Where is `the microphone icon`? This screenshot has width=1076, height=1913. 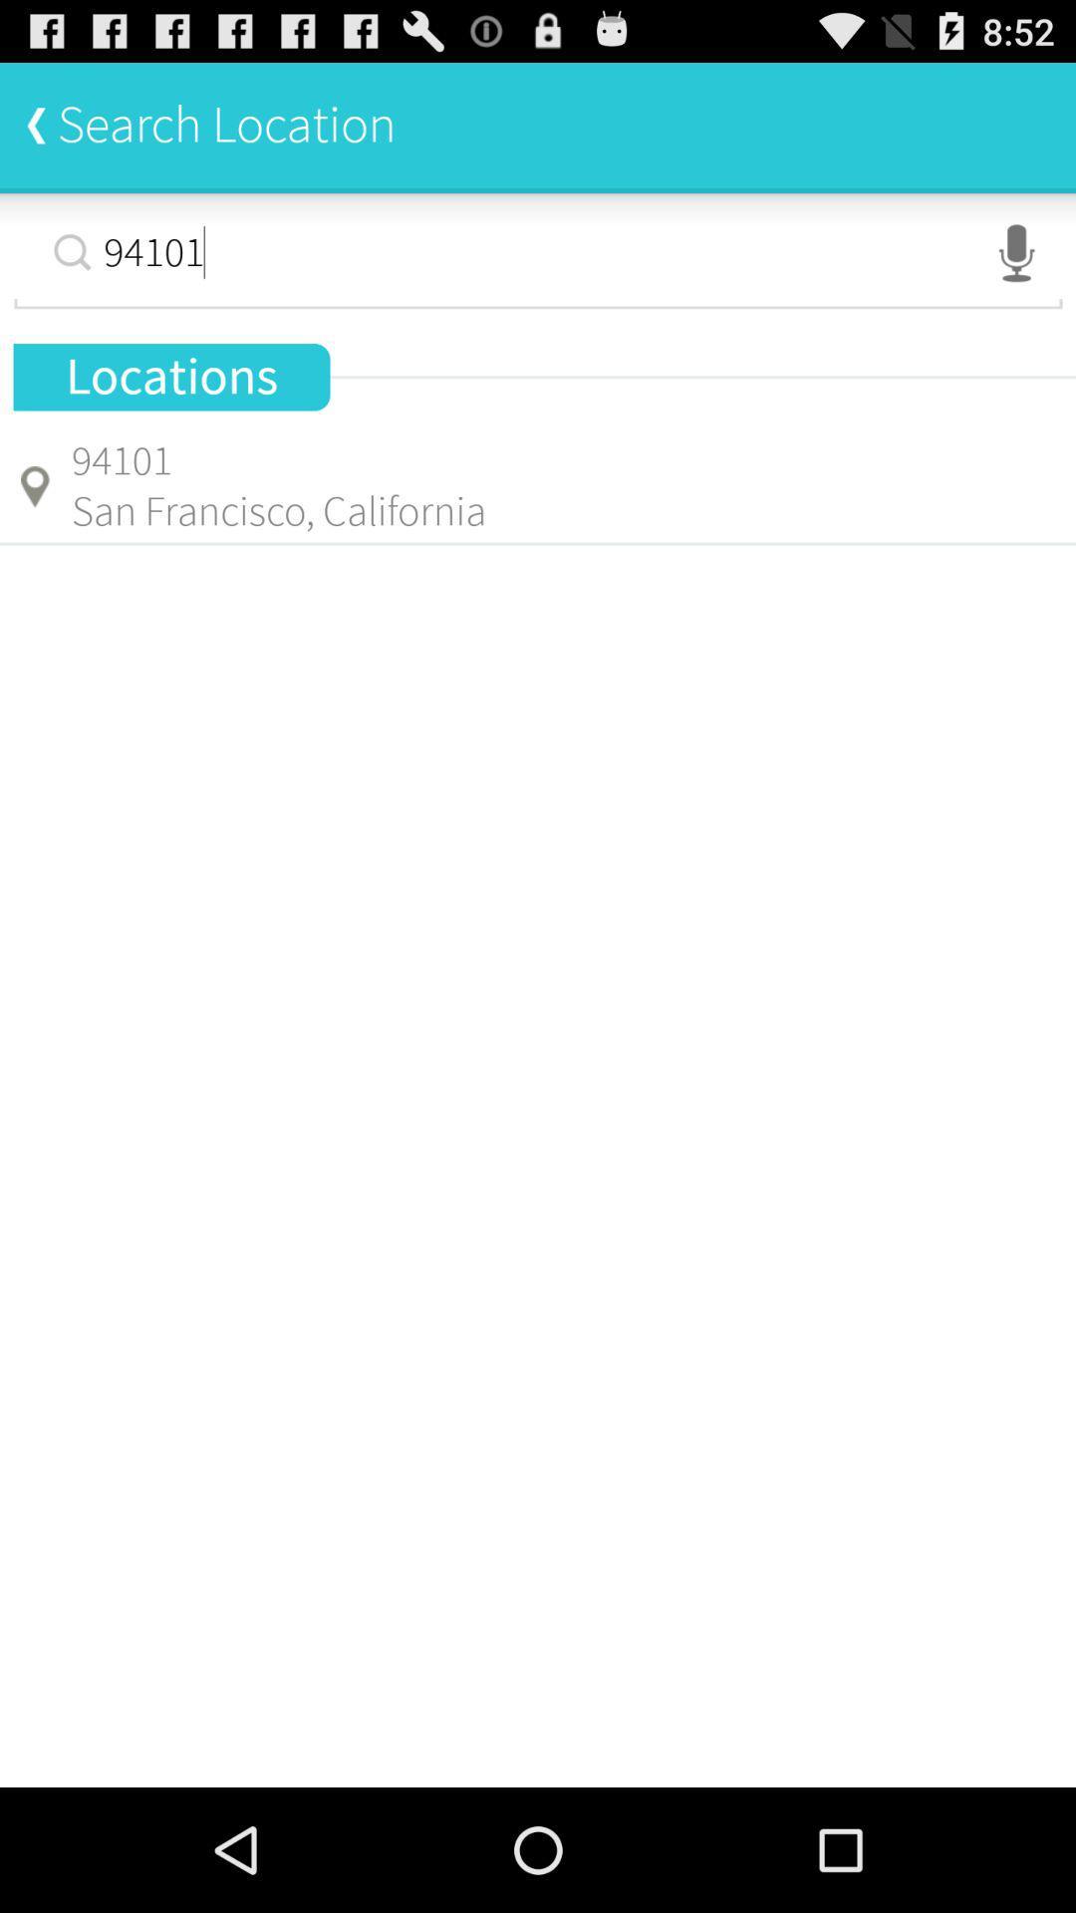
the microphone icon is located at coordinates (1016, 269).